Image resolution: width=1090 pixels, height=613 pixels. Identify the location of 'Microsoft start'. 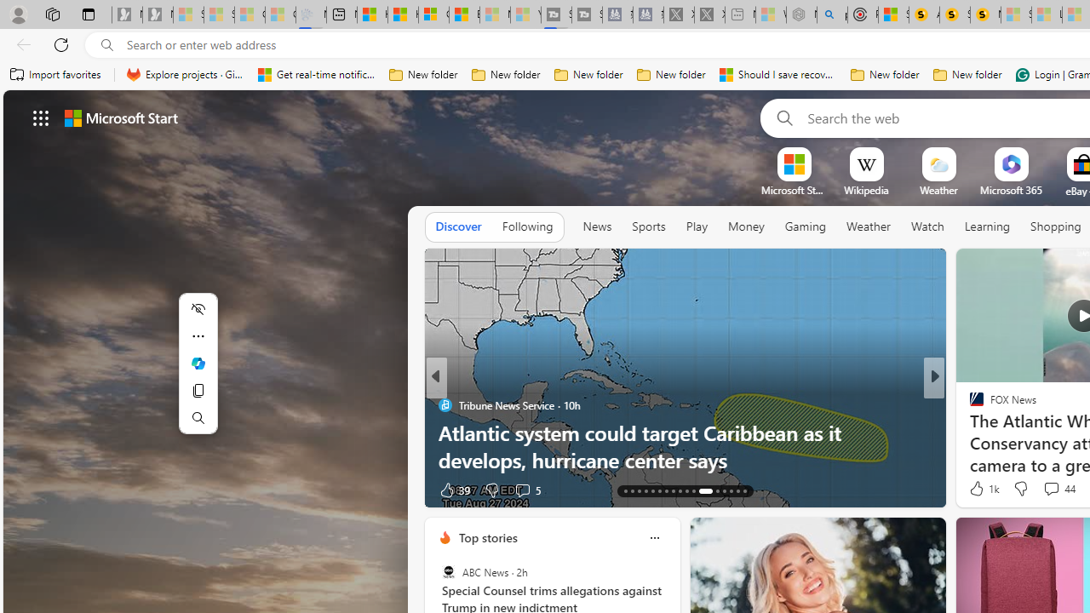
(120, 117).